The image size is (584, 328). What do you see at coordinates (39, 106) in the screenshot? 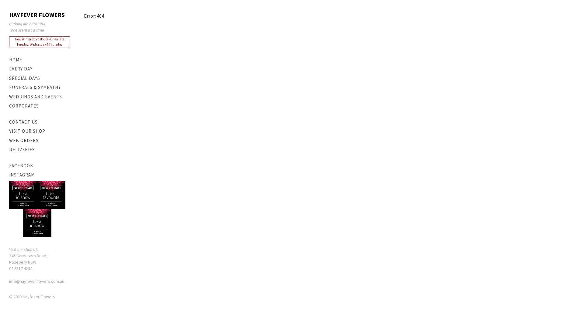
I see `'CORPORATES'` at bounding box center [39, 106].